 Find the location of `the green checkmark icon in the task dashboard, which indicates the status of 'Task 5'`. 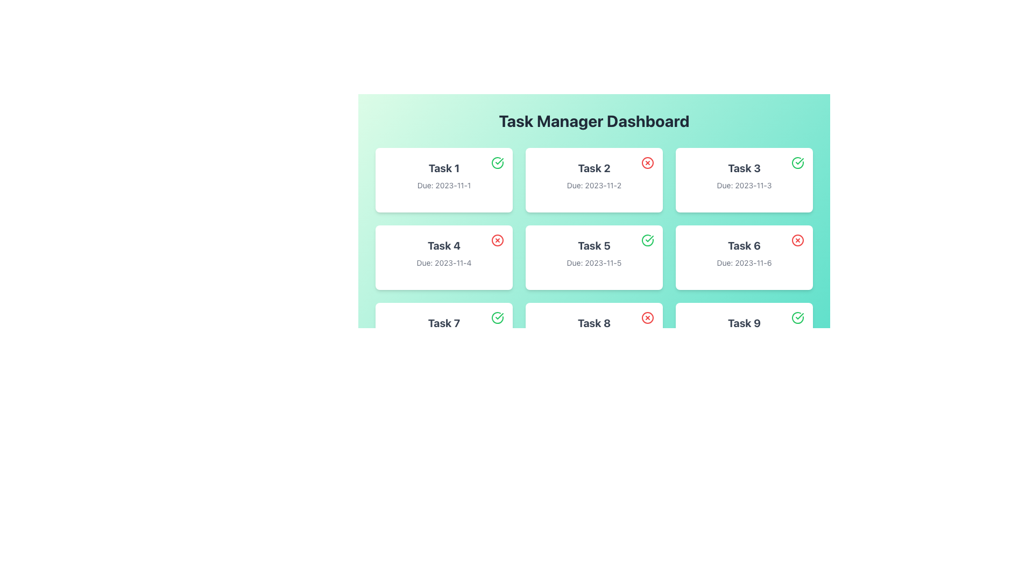

the green checkmark icon in the task dashboard, which indicates the status of 'Task 5' is located at coordinates (499, 315).